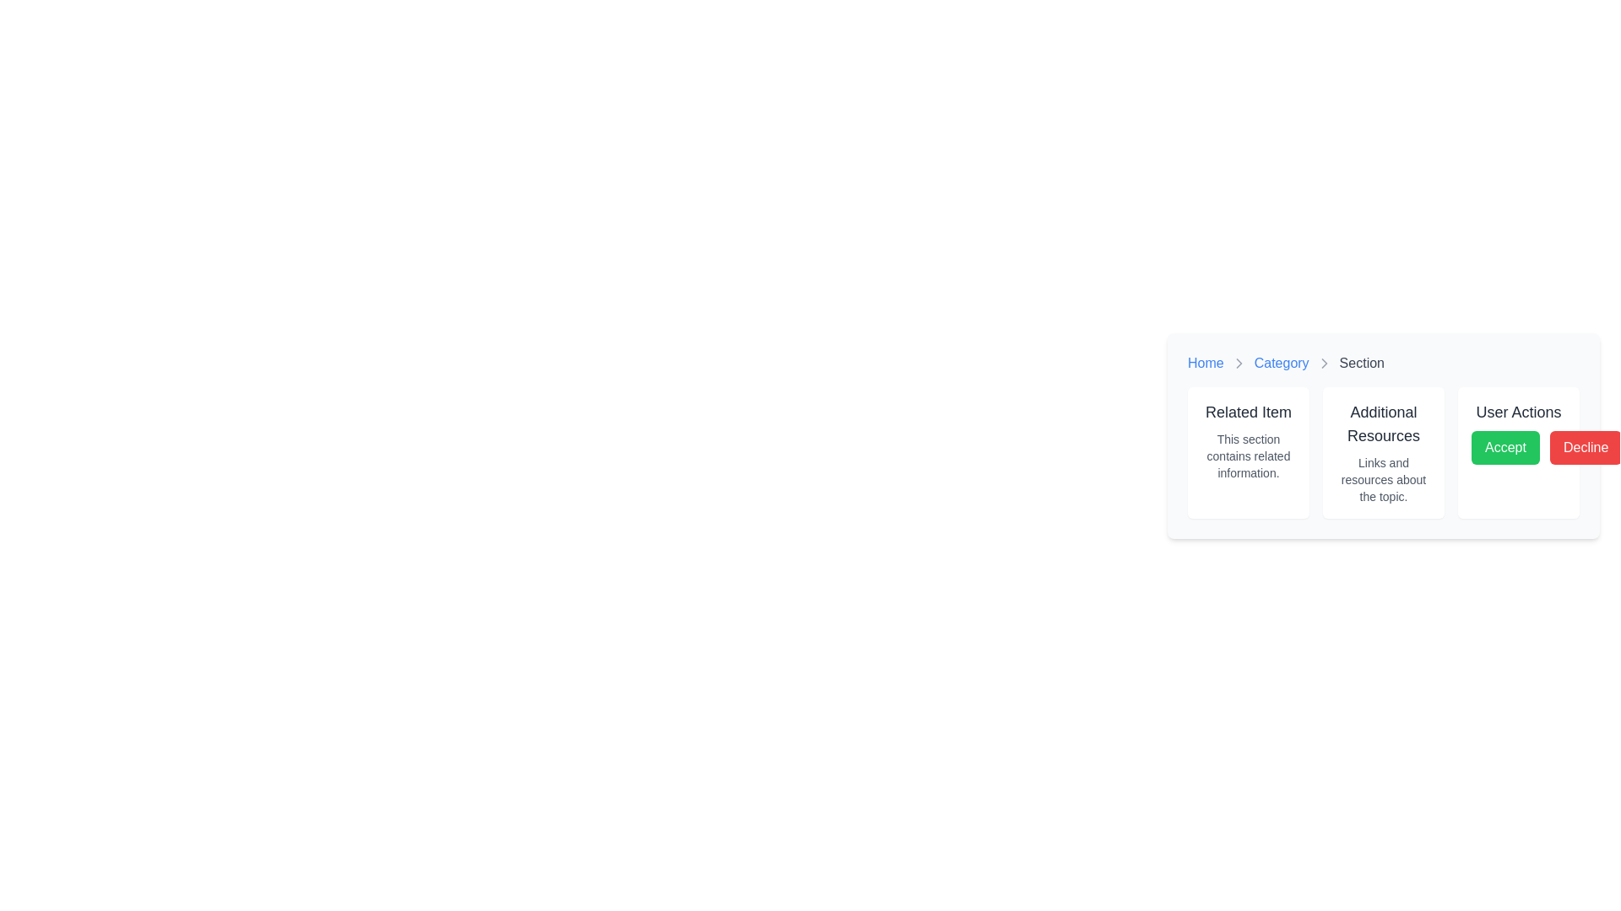 Image resolution: width=1621 pixels, height=911 pixels. Describe the element at coordinates (1519, 447) in the screenshot. I see `the Button group within the white card titled 'User Actions'` at that location.